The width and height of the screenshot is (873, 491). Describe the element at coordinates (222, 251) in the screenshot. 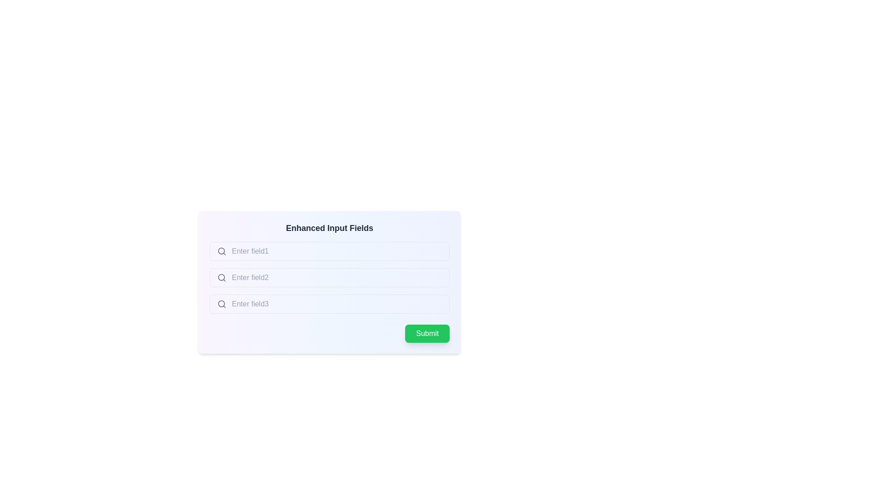

I see `the search icon represented by a circular magnifying glass located to the left of the first input field in the 'Enhanced Input Fields' section` at that location.